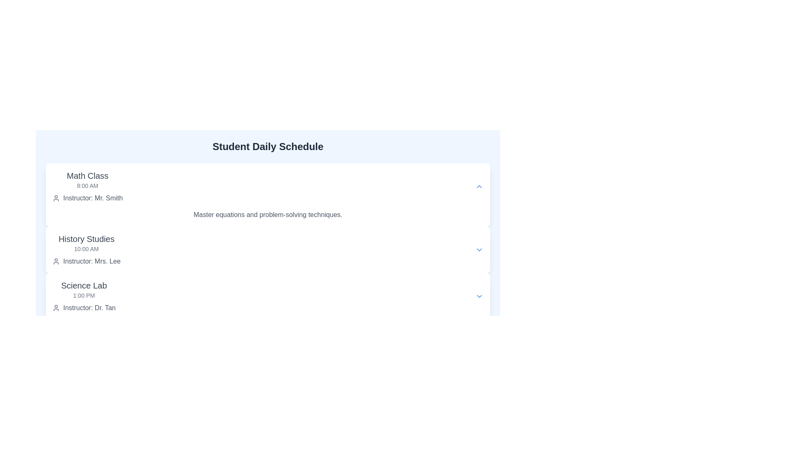 This screenshot has height=449, width=799. I want to click on the Interactive icon (dropdown toggle) for the 'History Studies' section, so click(479, 249).